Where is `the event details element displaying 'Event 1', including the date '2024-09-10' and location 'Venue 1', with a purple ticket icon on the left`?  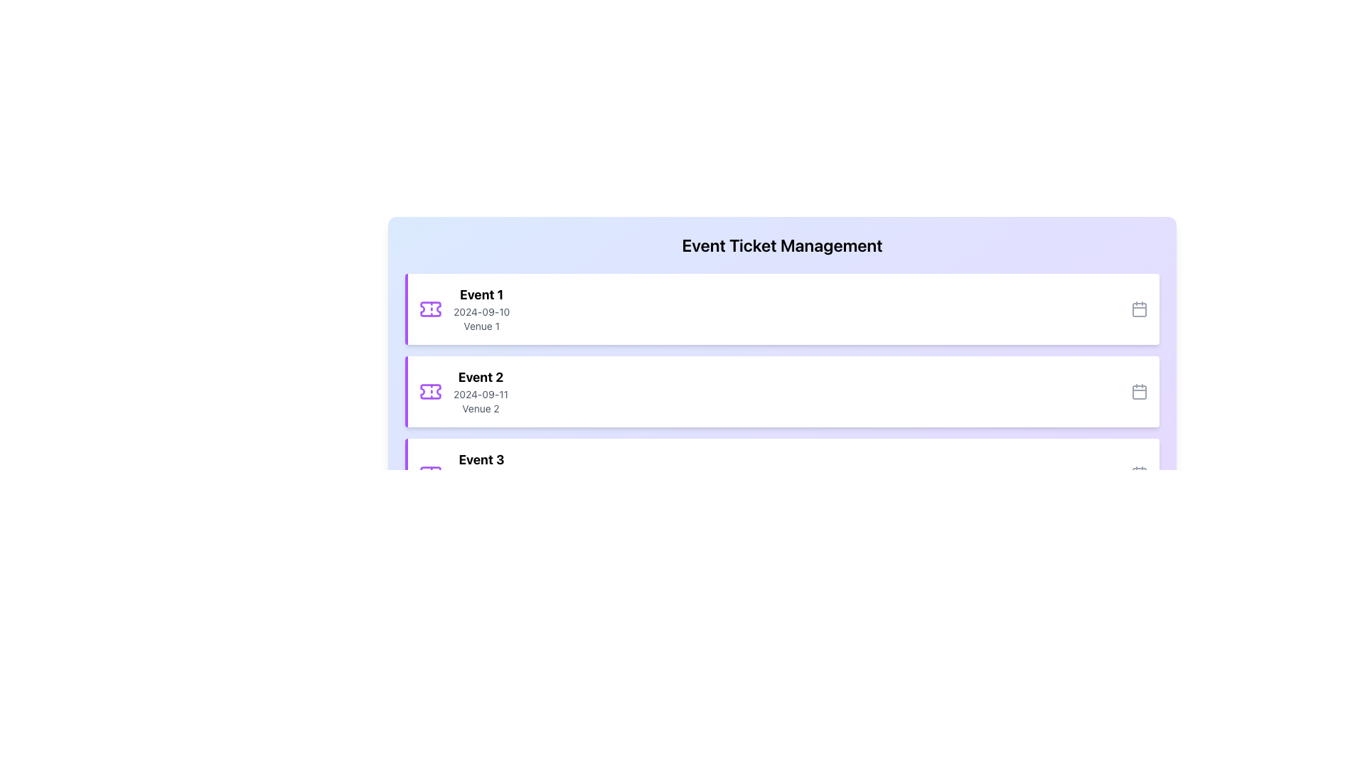 the event details element displaying 'Event 1', including the date '2024-09-10' and location 'Venue 1', with a purple ticket icon on the left is located at coordinates (464, 309).